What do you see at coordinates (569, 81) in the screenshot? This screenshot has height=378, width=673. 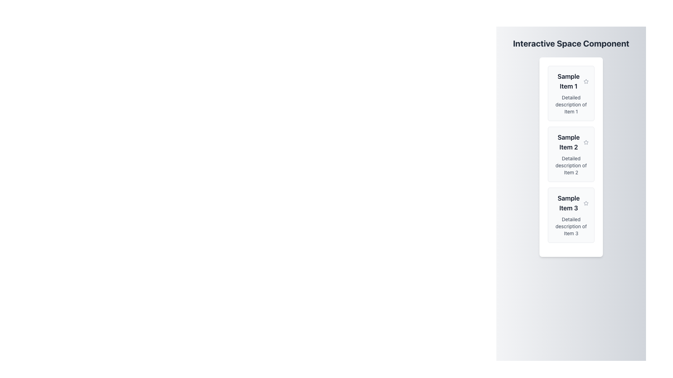 I see `the text label displaying 'Sample Item 1' which is bold and located at the top of the vertical list of items` at bounding box center [569, 81].